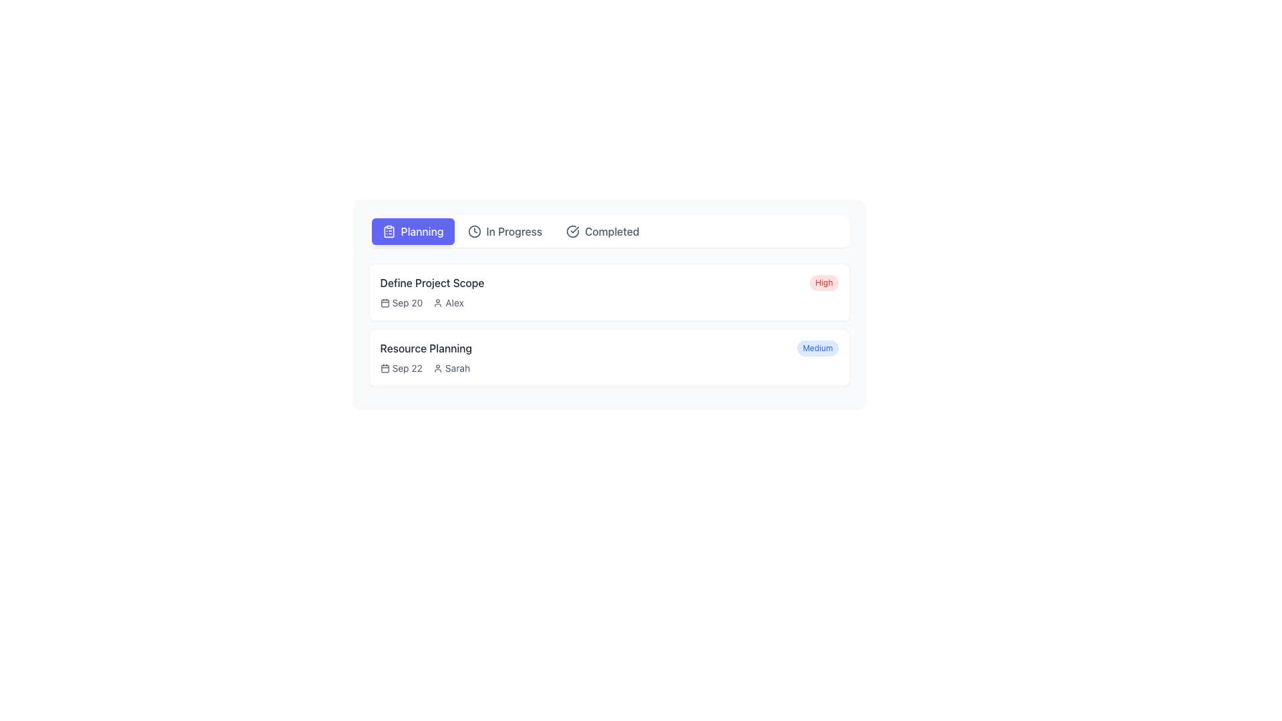 This screenshot has width=1282, height=721. What do you see at coordinates (608, 357) in the screenshot?
I see `the 'Resource Planning' task card` at bounding box center [608, 357].